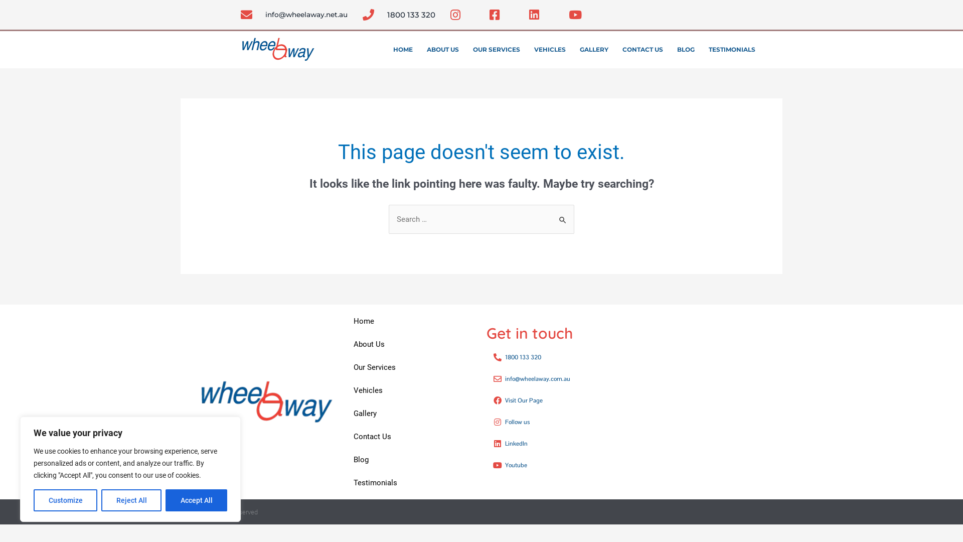 The image size is (963, 542). Describe the element at coordinates (410, 390) in the screenshot. I see `'Vehicles'` at that location.